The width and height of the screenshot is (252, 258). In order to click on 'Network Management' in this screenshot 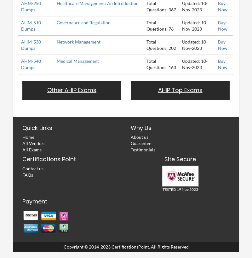, I will do `click(56, 41)`.